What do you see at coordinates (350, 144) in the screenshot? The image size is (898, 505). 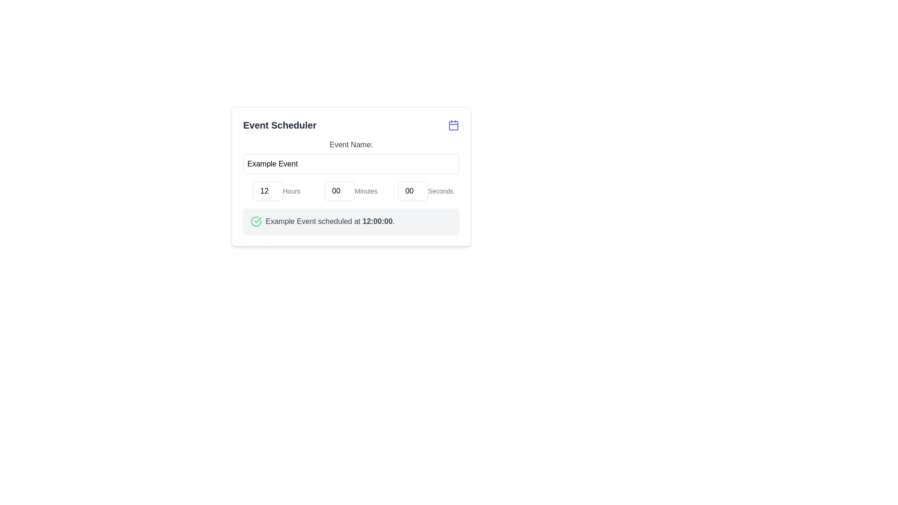 I see `the text label that indicates the information for the input field below it, which is positioned above the text input field containing 'Example Event'` at bounding box center [350, 144].